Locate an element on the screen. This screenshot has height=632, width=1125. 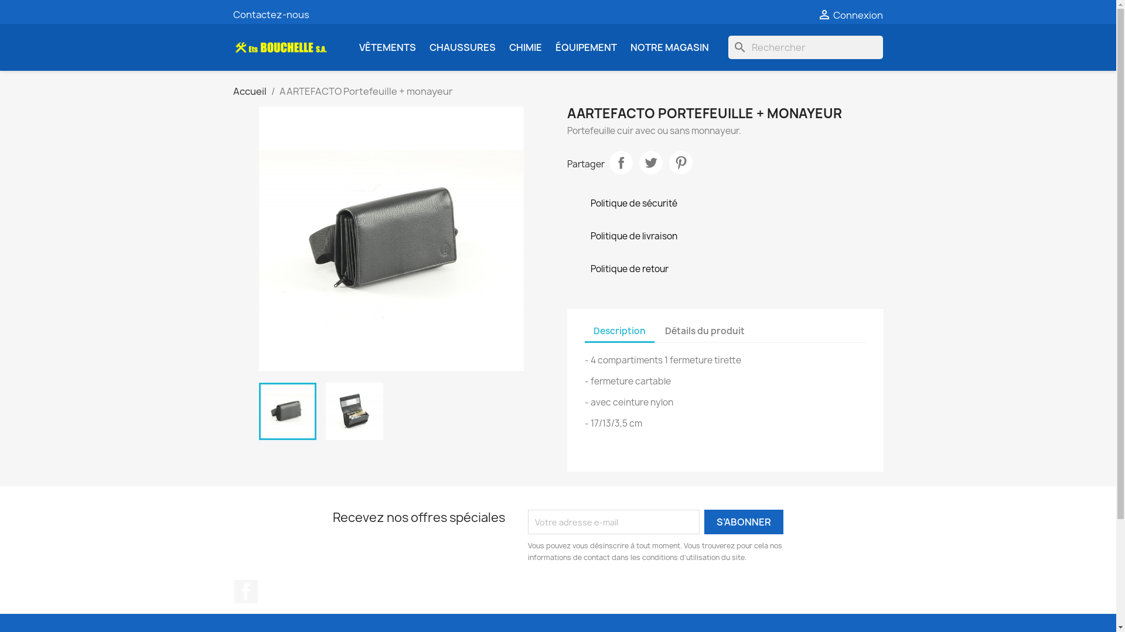
'Facebook' is located at coordinates (246, 591).